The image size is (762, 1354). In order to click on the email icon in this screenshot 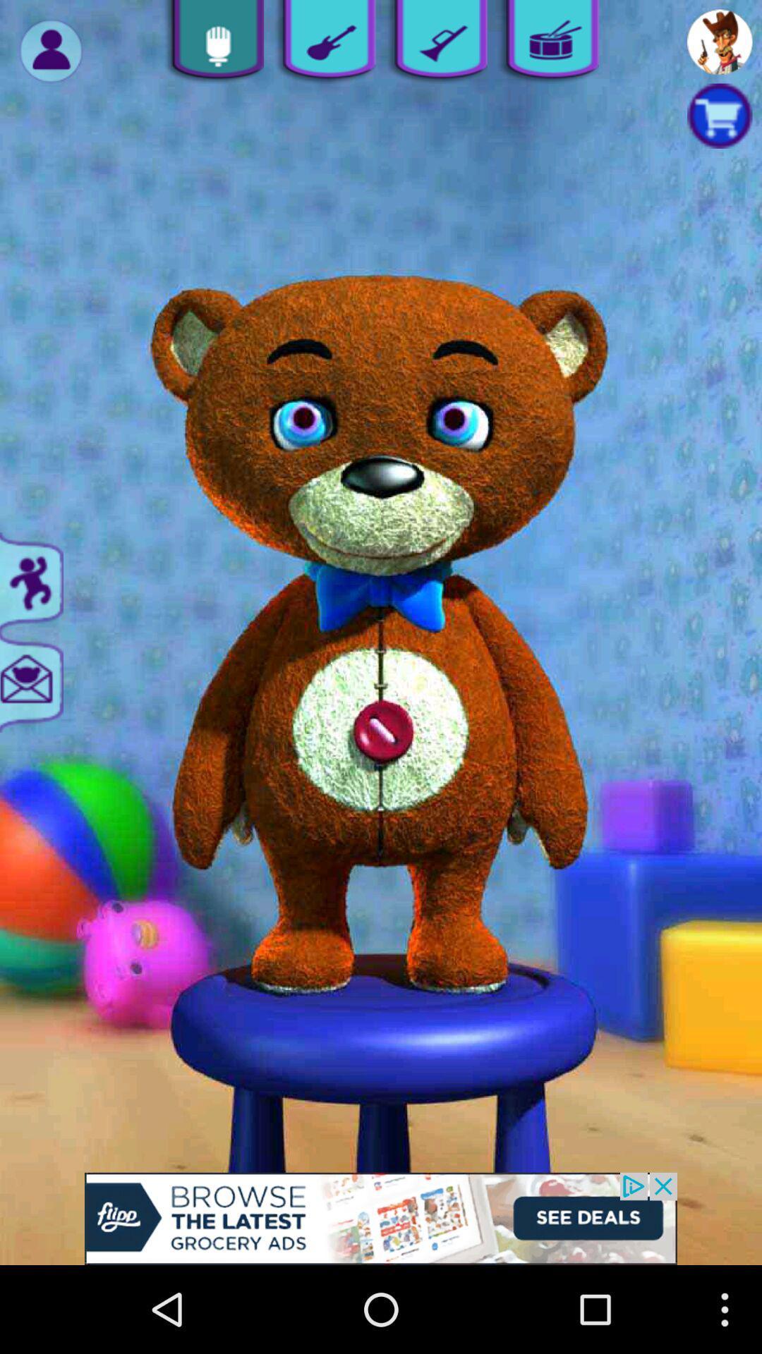, I will do `click(32, 730)`.